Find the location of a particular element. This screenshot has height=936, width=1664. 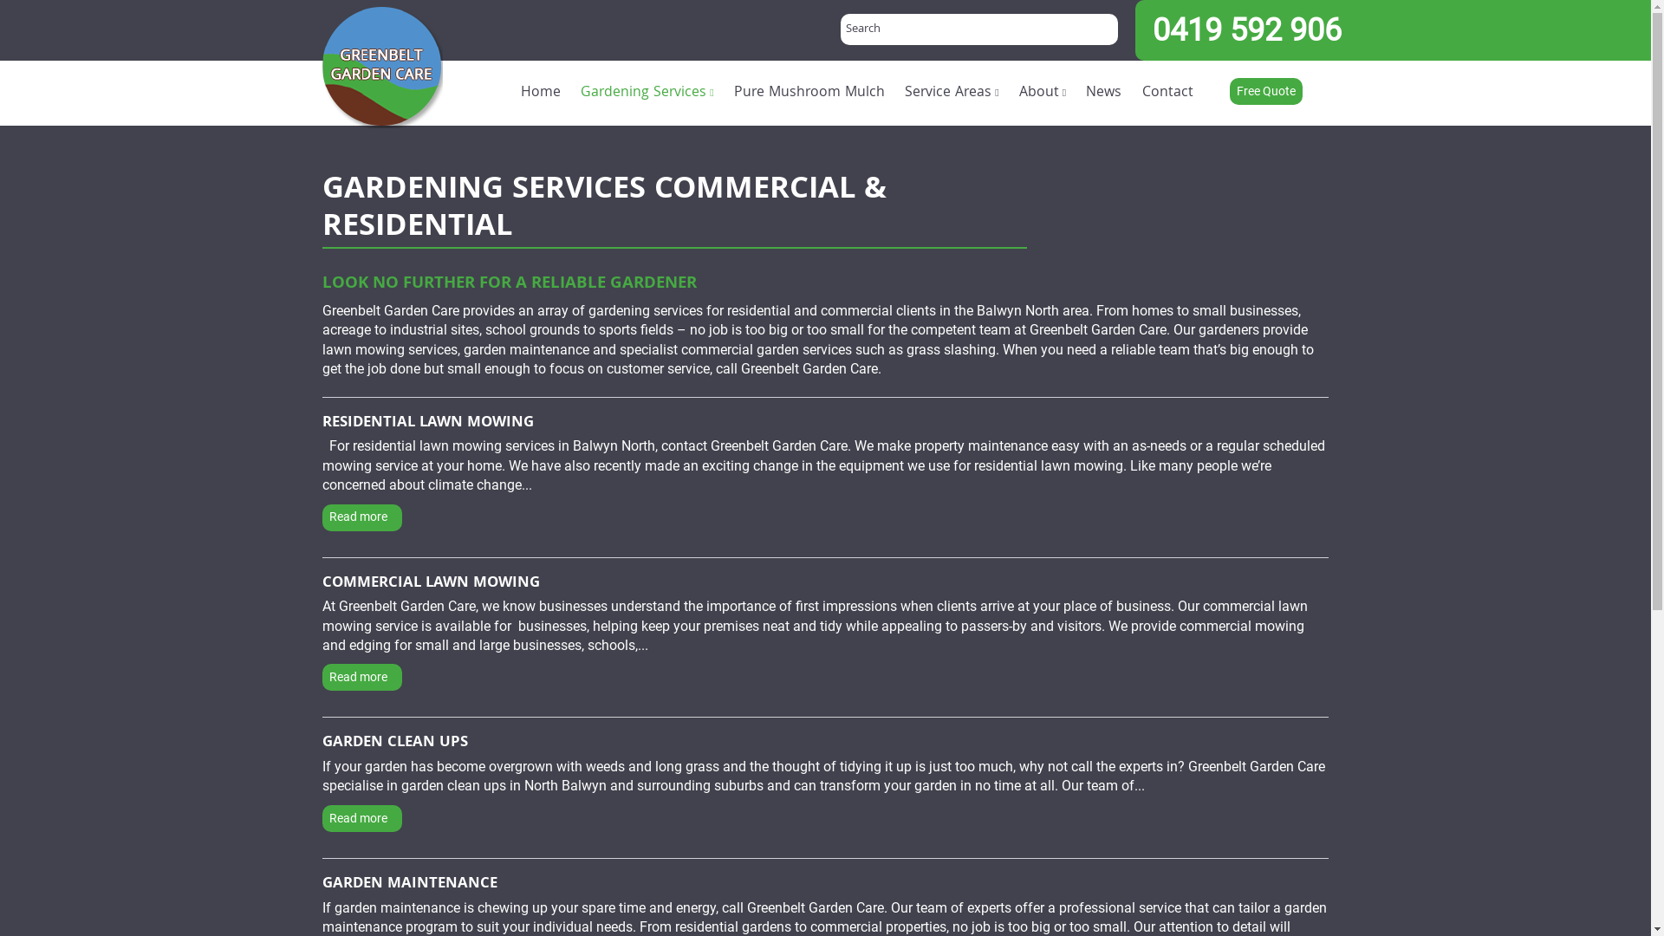

'Read more' is located at coordinates (361, 676).